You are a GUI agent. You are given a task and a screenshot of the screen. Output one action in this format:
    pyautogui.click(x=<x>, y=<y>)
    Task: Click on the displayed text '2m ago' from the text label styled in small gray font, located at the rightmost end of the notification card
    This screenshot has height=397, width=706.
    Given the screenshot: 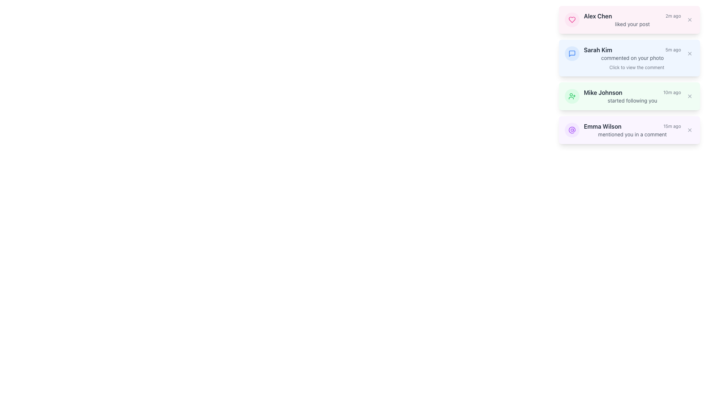 What is the action you would take?
    pyautogui.click(x=673, y=16)
    